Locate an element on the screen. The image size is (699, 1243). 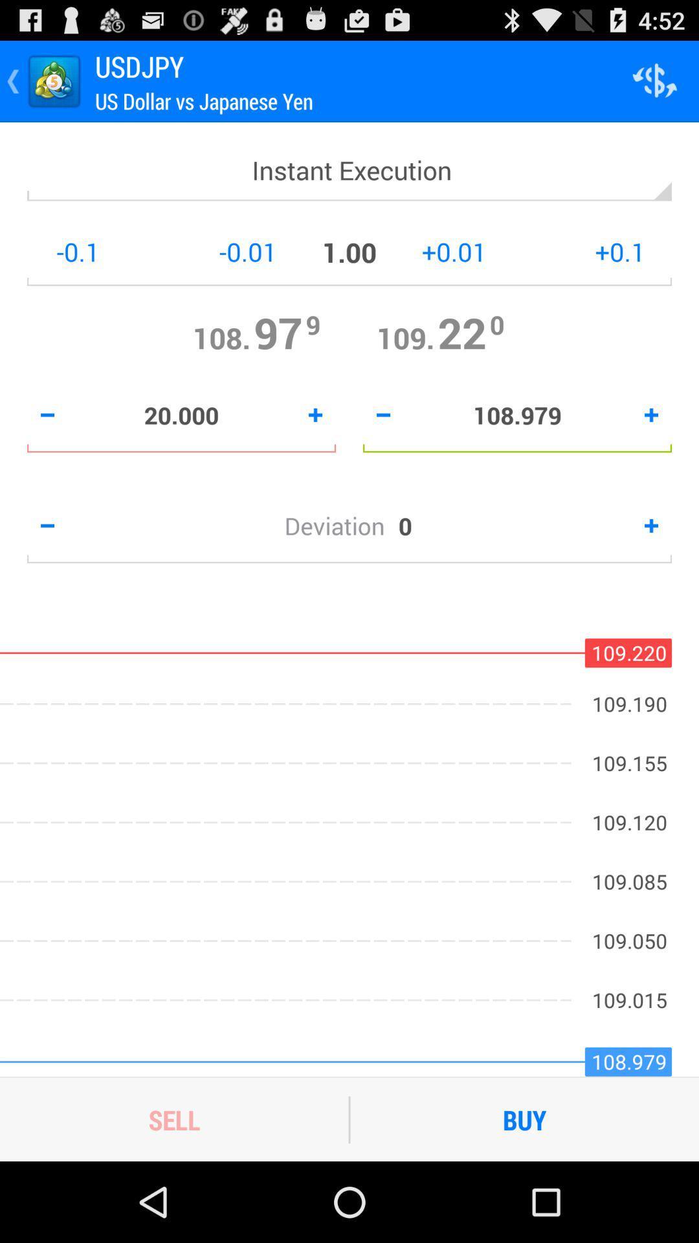
20.000 icon is located at coordinates (181, 415).